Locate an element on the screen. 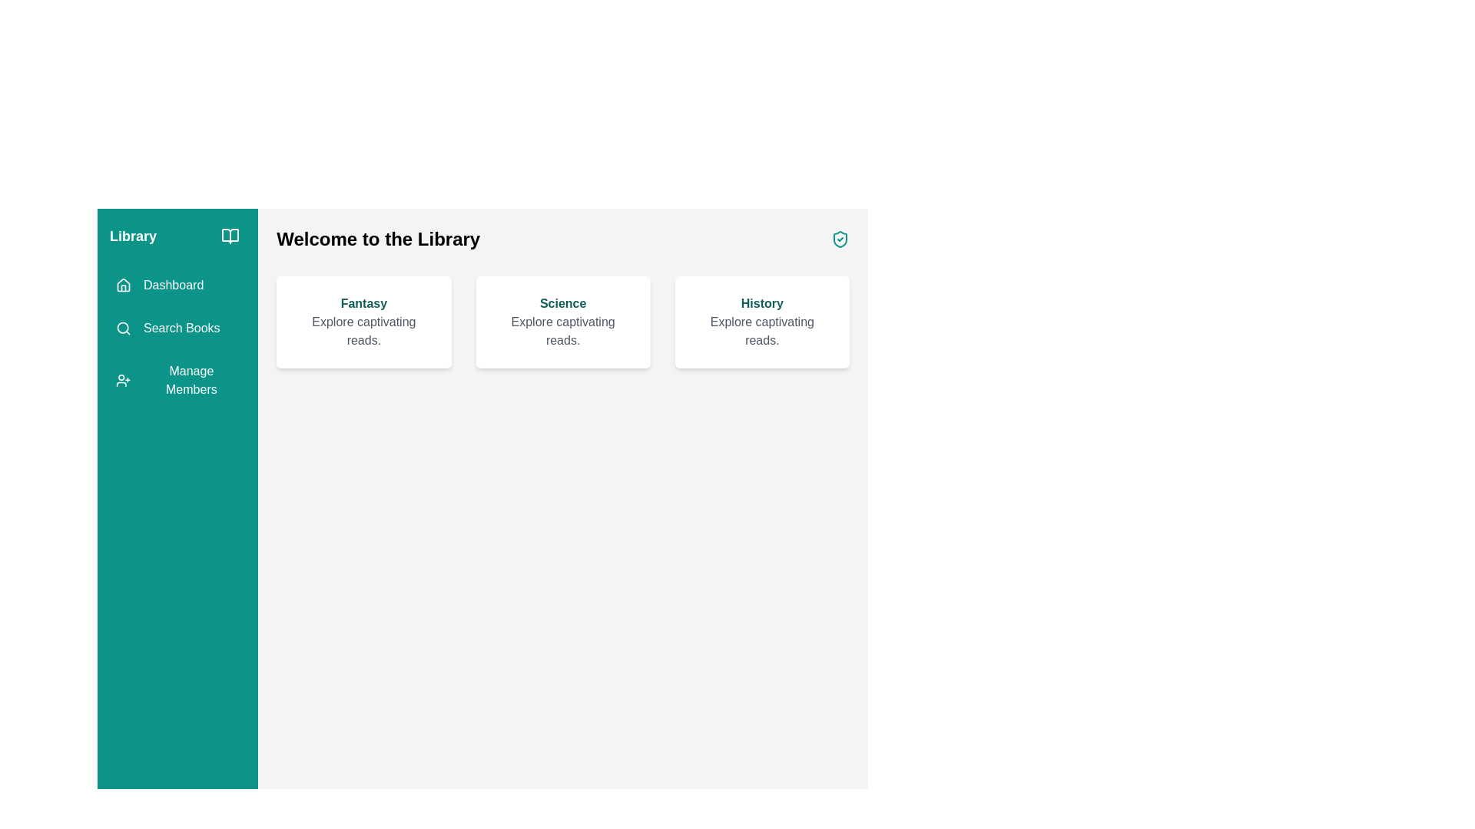  the 'Manage Members' menu item in the sidebar, which features a user icon with a plus sign and has a teal background is located at coordinates (177, 380).